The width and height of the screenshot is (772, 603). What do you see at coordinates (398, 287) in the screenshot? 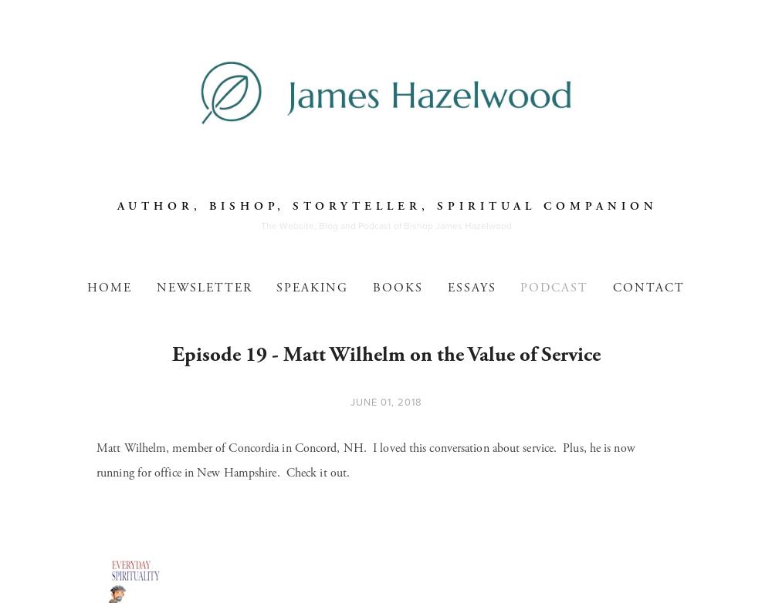
I see `'Books'` at bounding box center [398, 287].